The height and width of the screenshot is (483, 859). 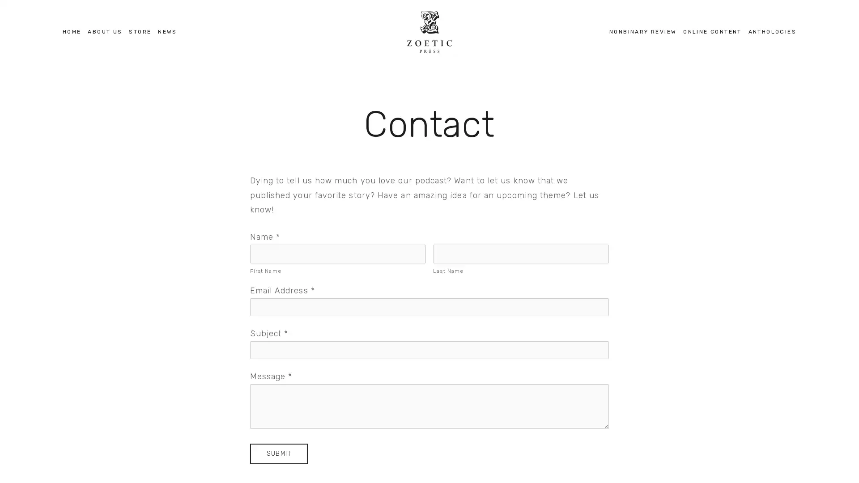 I want to click on Submit, so click(x=278, y=453).